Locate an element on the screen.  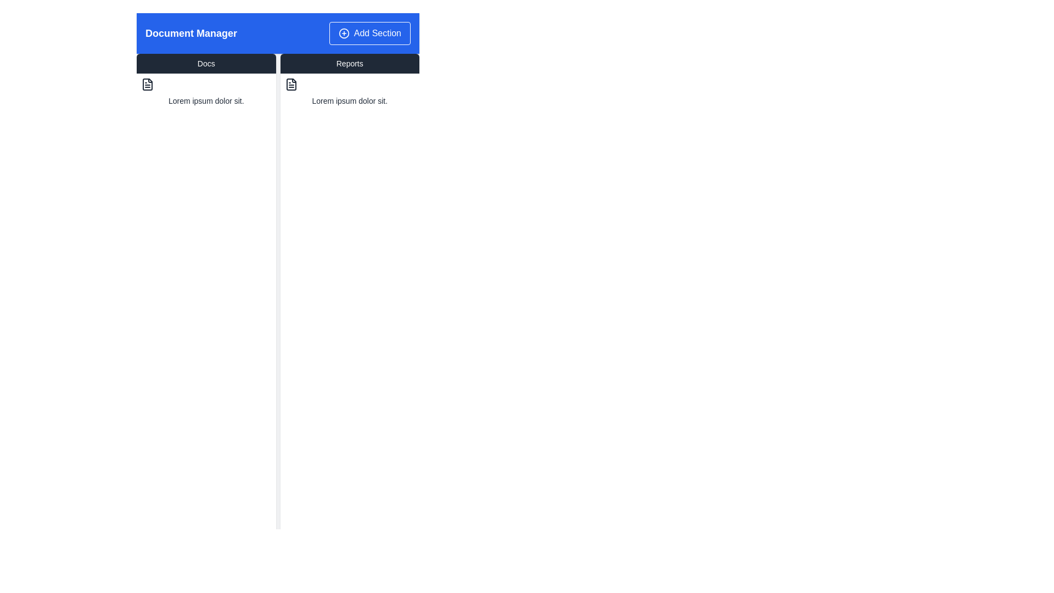
the button located in the top-right corner of the header bar, styled with a blue background and labeled 'Document Manager' is located at coordinates (369, 33).